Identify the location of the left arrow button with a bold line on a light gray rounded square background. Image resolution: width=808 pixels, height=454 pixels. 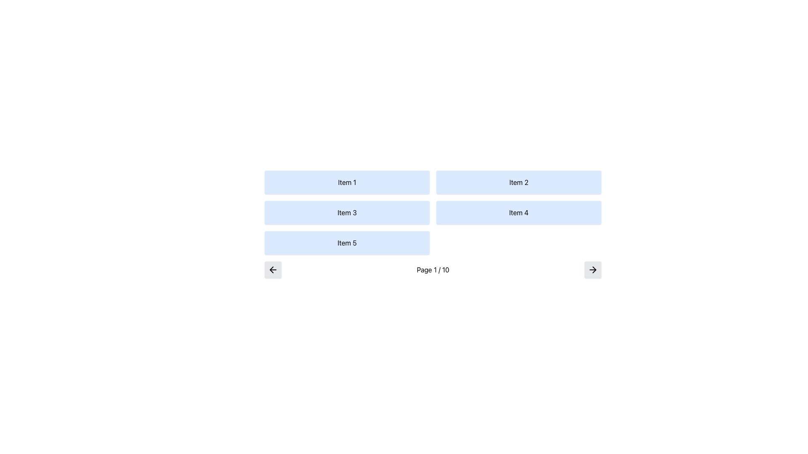
(273, 269).